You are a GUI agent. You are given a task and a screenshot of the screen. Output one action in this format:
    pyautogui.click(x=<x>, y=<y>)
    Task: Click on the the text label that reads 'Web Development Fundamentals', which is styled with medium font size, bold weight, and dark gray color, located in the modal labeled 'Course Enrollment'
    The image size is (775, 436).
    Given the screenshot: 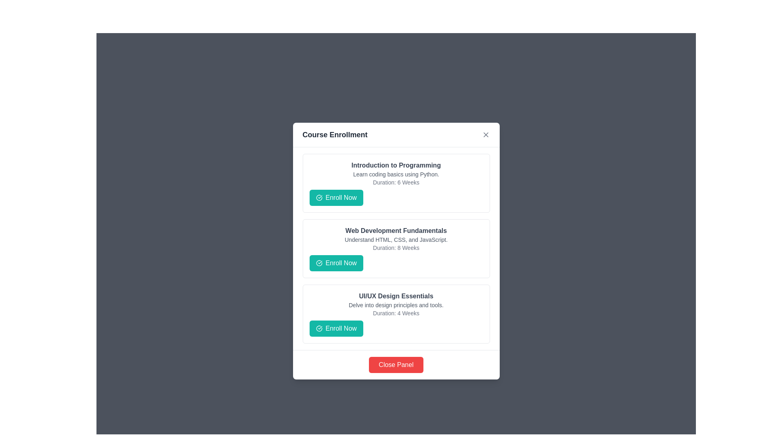 What is the action you would take?
    pyautogui.click(x=396, y=231)
    